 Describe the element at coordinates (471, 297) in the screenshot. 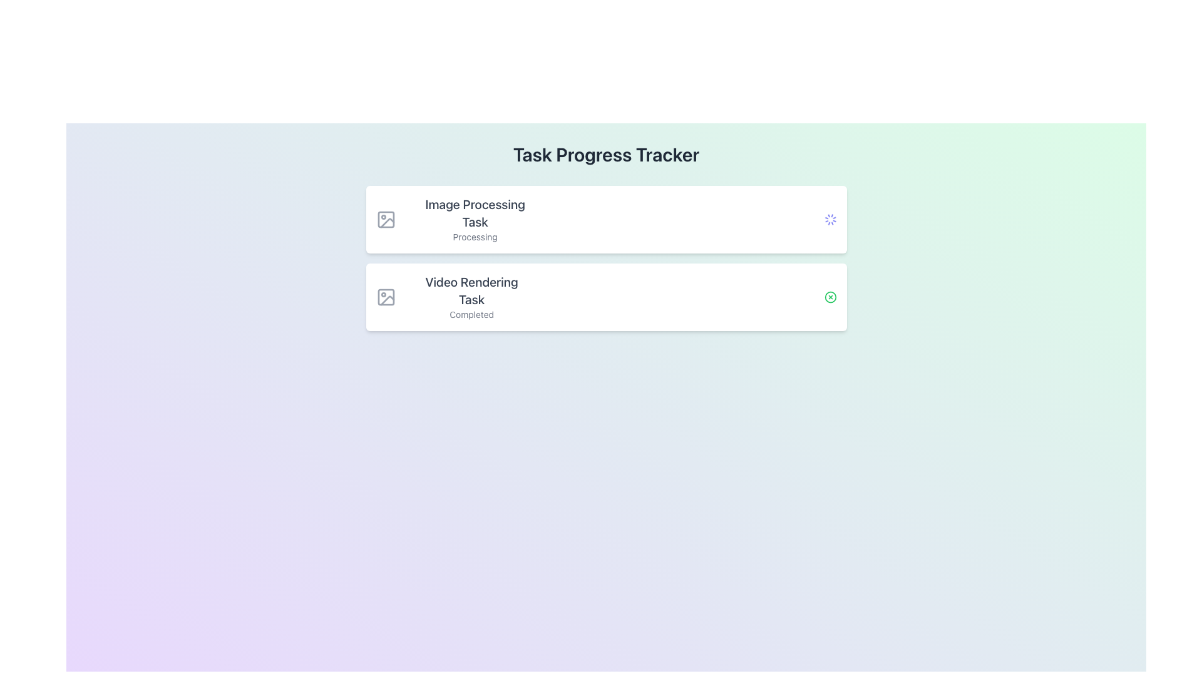

I see `the Text display element that shows 'Video Rendering Task' and 'Completed', which is located in the second card section of the 'Task Progress Tracker'` at that location.